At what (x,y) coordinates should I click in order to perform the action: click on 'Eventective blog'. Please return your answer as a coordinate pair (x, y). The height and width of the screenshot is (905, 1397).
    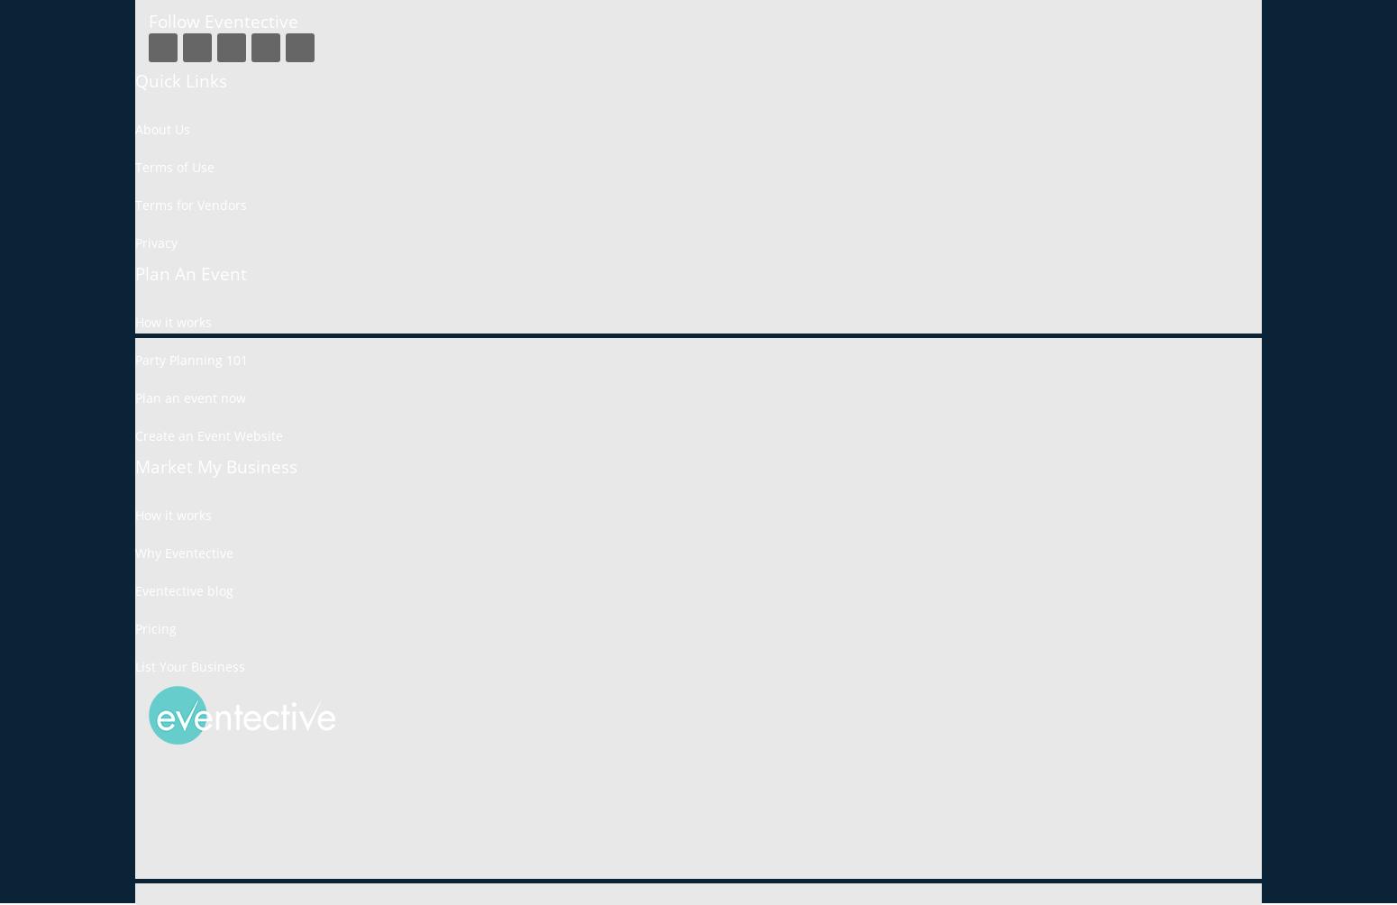
    Looking at the image, I should click on (183, 590).